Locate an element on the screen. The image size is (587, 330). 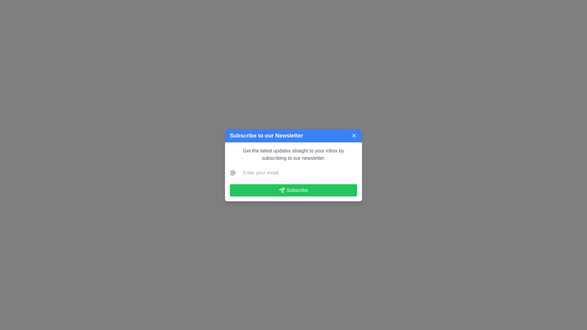
the stylized triangular paper plane icon located within the green 'Subscribe' button is located at coordinates (282, 190).